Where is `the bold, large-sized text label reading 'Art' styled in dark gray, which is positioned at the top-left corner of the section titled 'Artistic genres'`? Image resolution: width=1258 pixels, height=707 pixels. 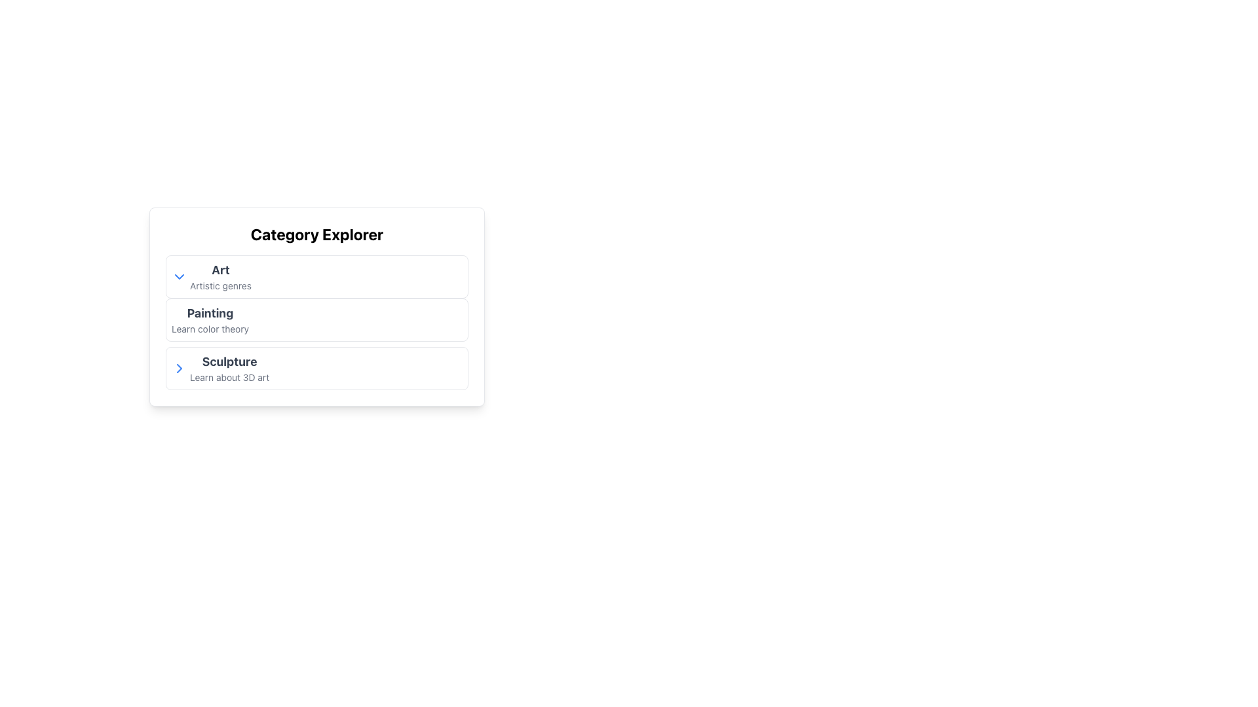 the bold, large-sized text label reading 'Art' styled in dark gray, which is positioned at the top-left corner of the section titled 'Artistic genres' is located at coordinates (220, 269).